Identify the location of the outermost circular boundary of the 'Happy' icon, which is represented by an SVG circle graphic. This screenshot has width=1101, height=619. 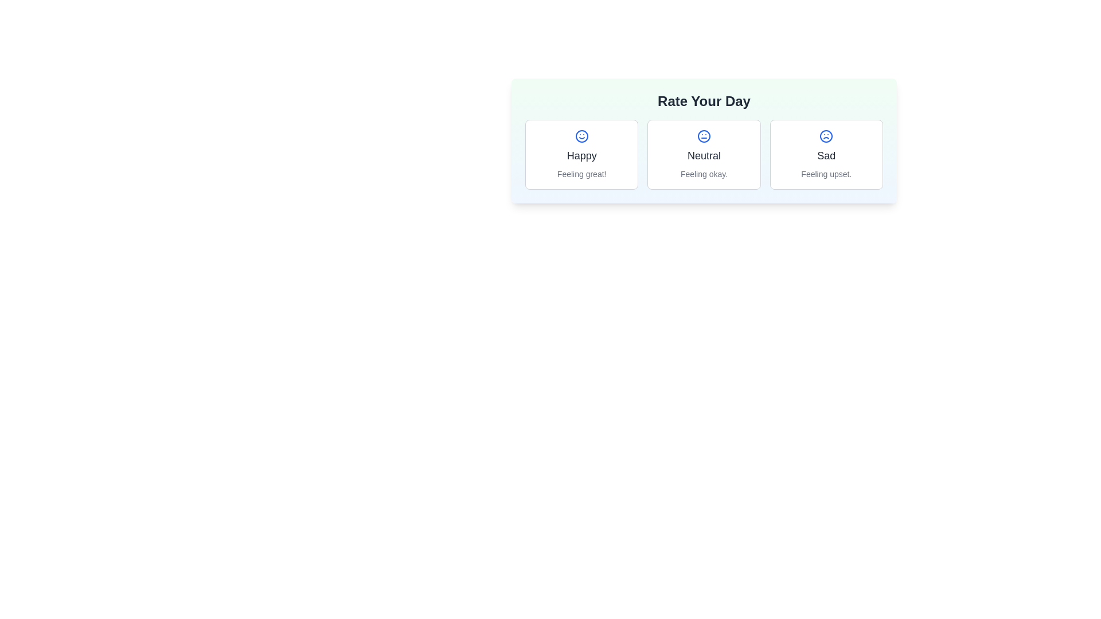
(581, 136).